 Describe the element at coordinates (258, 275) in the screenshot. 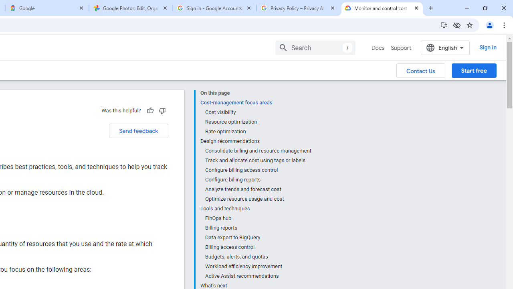

I see `'Active Assist recommendations'` at that location.